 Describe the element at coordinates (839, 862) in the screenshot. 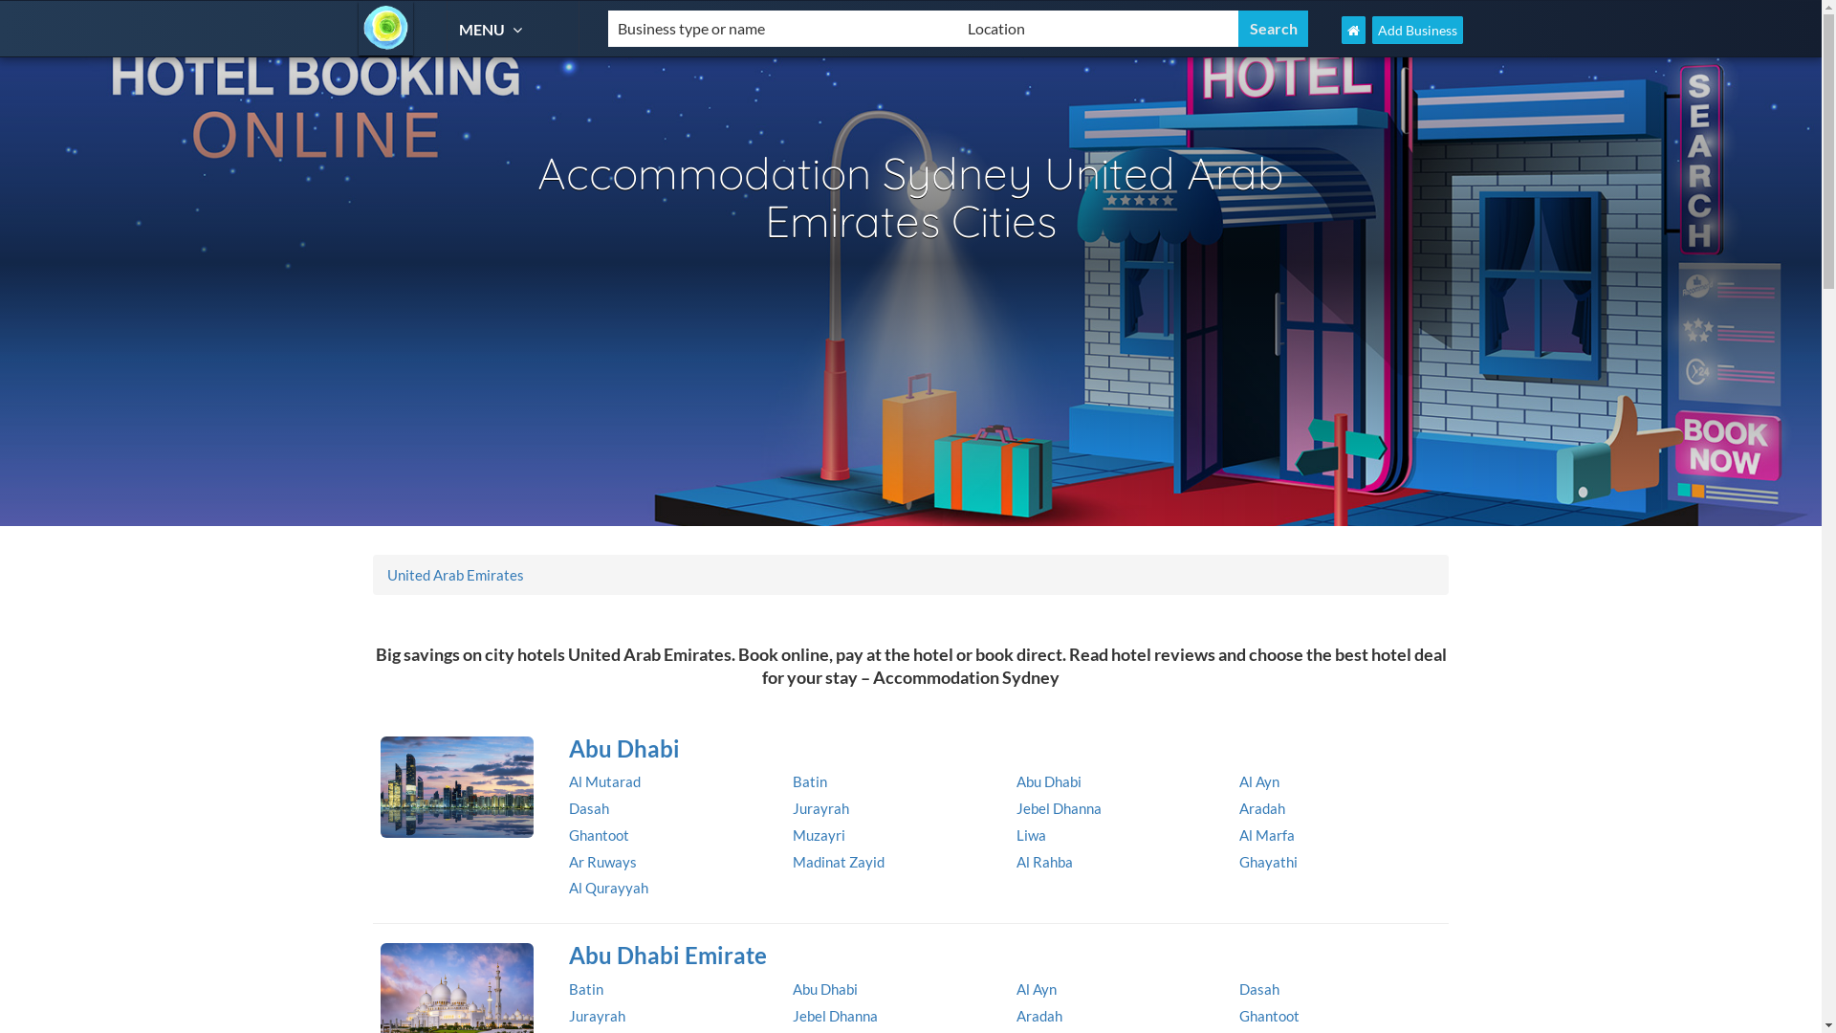

I see `'Madinat Zayid'` at that location.